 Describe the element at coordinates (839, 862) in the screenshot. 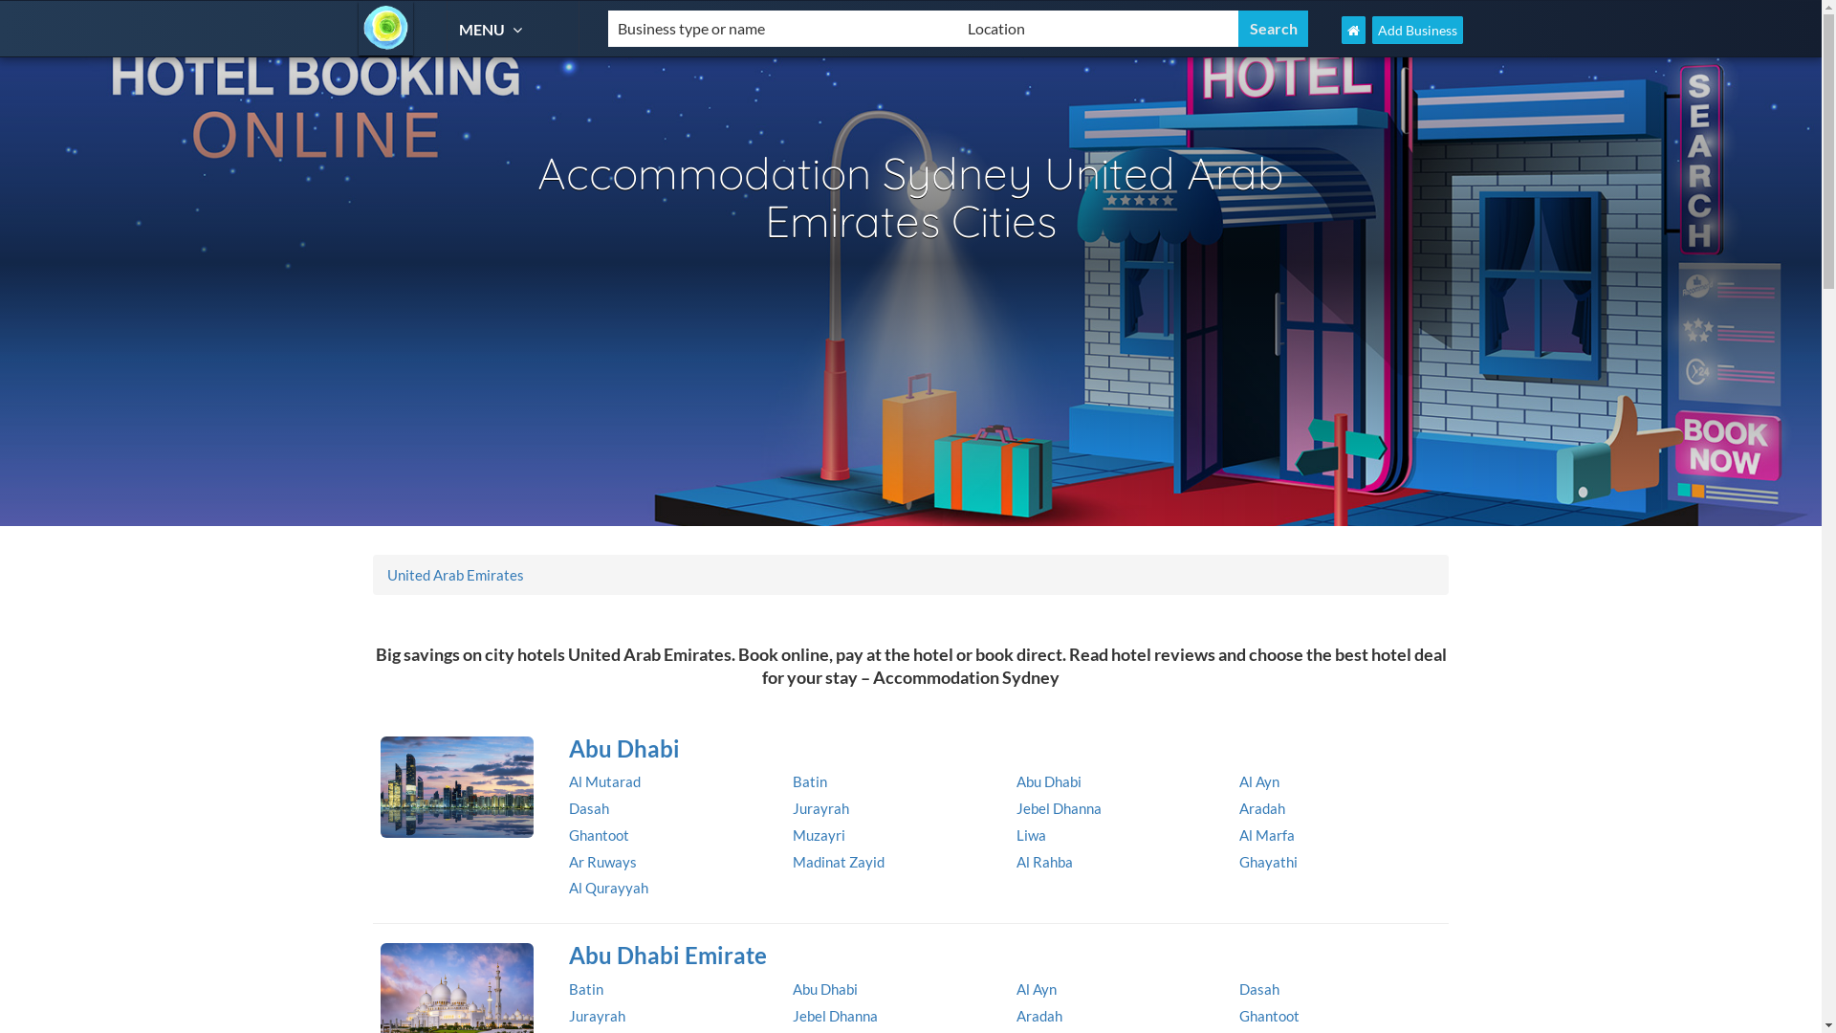

I see `'Madinat Zayid'` at that location.